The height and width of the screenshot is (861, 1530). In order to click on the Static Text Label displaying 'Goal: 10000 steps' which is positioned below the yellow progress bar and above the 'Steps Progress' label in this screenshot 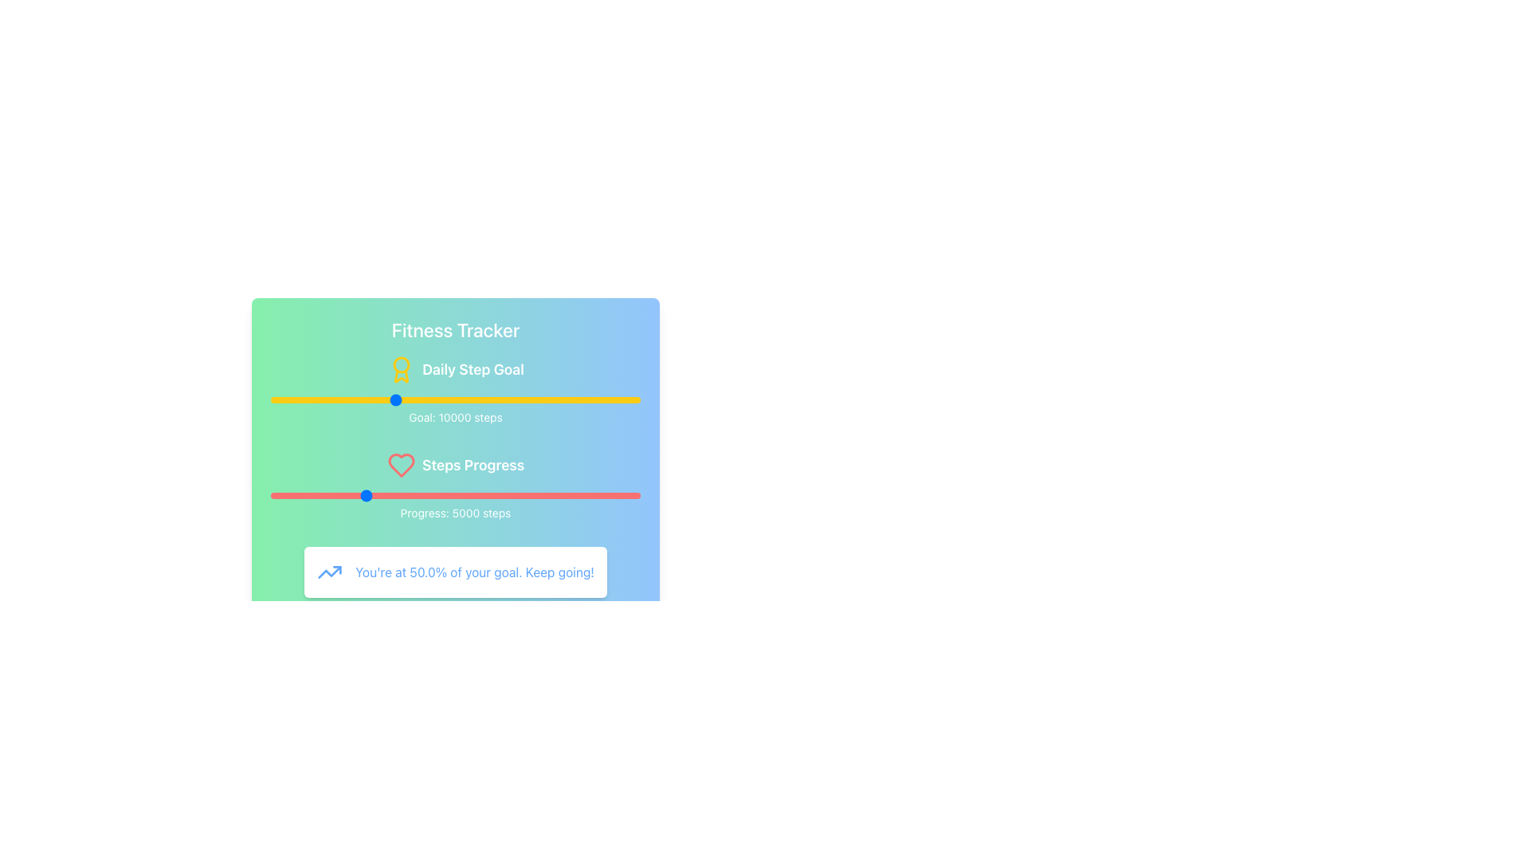, I will do `click(454, 417)`.